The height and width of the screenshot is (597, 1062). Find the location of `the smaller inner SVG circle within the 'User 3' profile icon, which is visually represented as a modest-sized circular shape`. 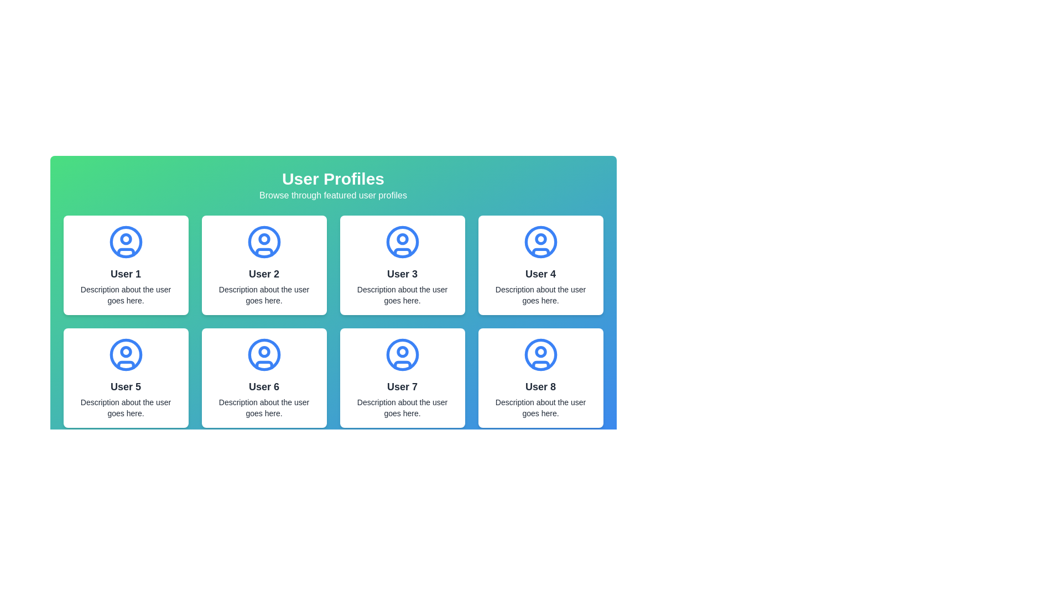

the smaller inner SVG circle within the 'User 3' profile icon, which is visually represented as a modest-sized circular shape is located at coordinates (402, 238).